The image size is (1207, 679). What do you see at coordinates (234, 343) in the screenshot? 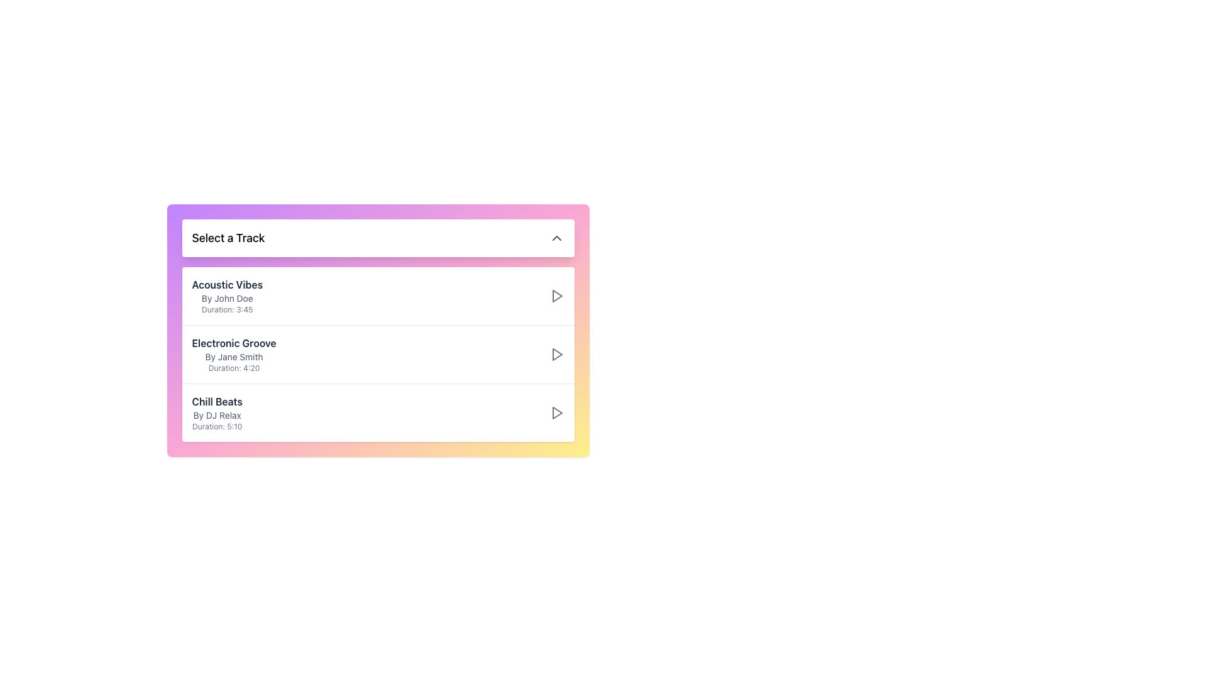
I see `the text element displaying 'Electronic Groove' in bold dark gray font, located in the middle section of the track information list` at bounding box center [234, 343].